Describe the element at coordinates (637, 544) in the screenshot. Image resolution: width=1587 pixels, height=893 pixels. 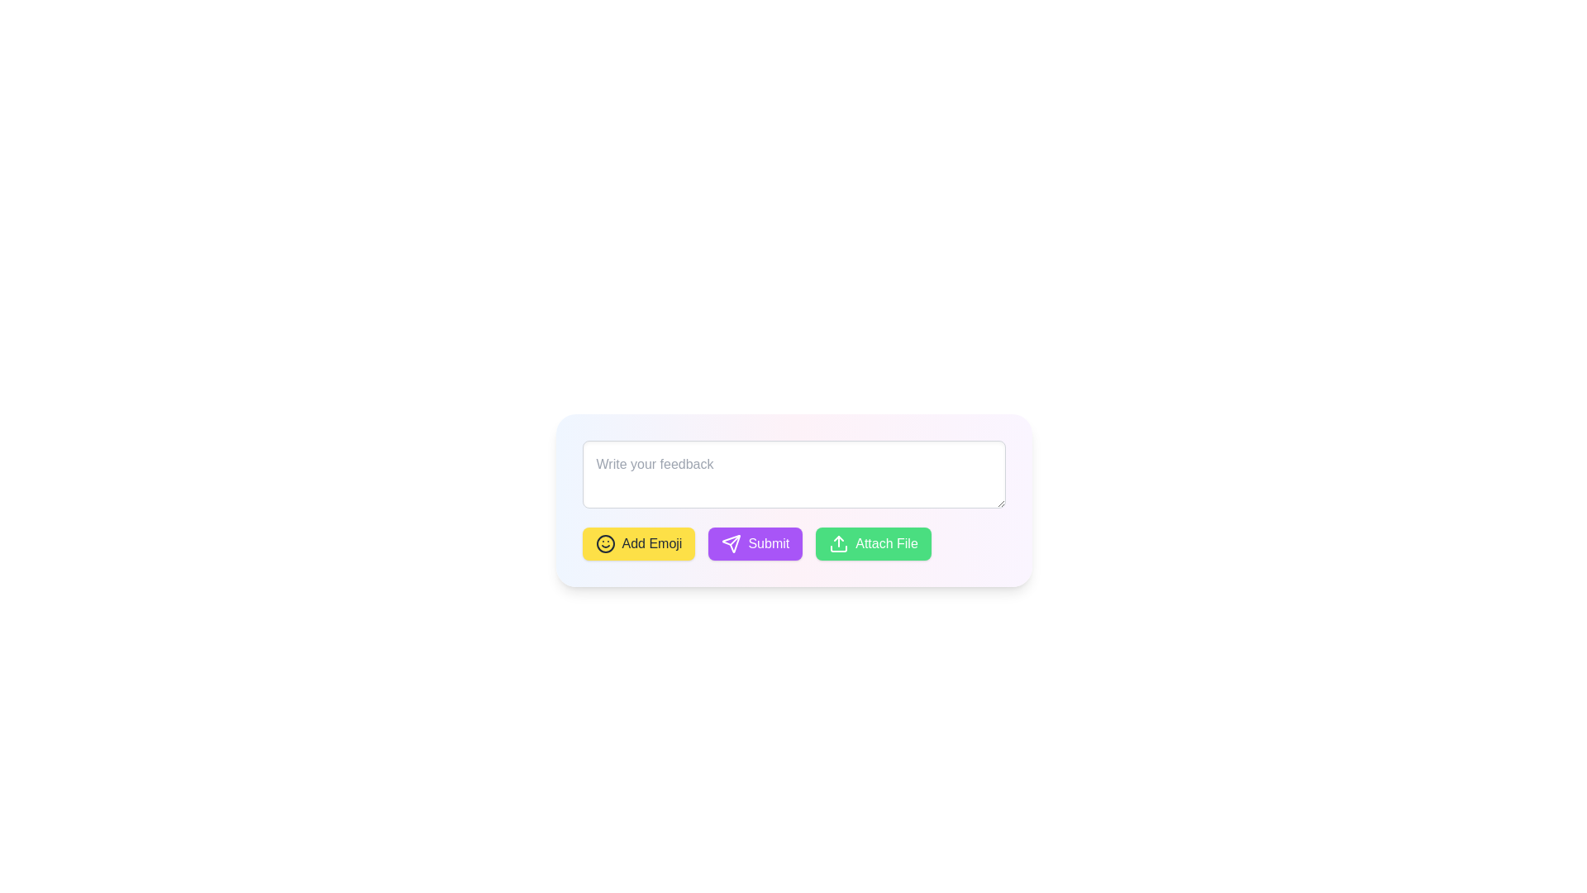
I see `the leftmost button for adding emojis located at the bottom of the interface to observe any tooltip or visual feedback` at that location.